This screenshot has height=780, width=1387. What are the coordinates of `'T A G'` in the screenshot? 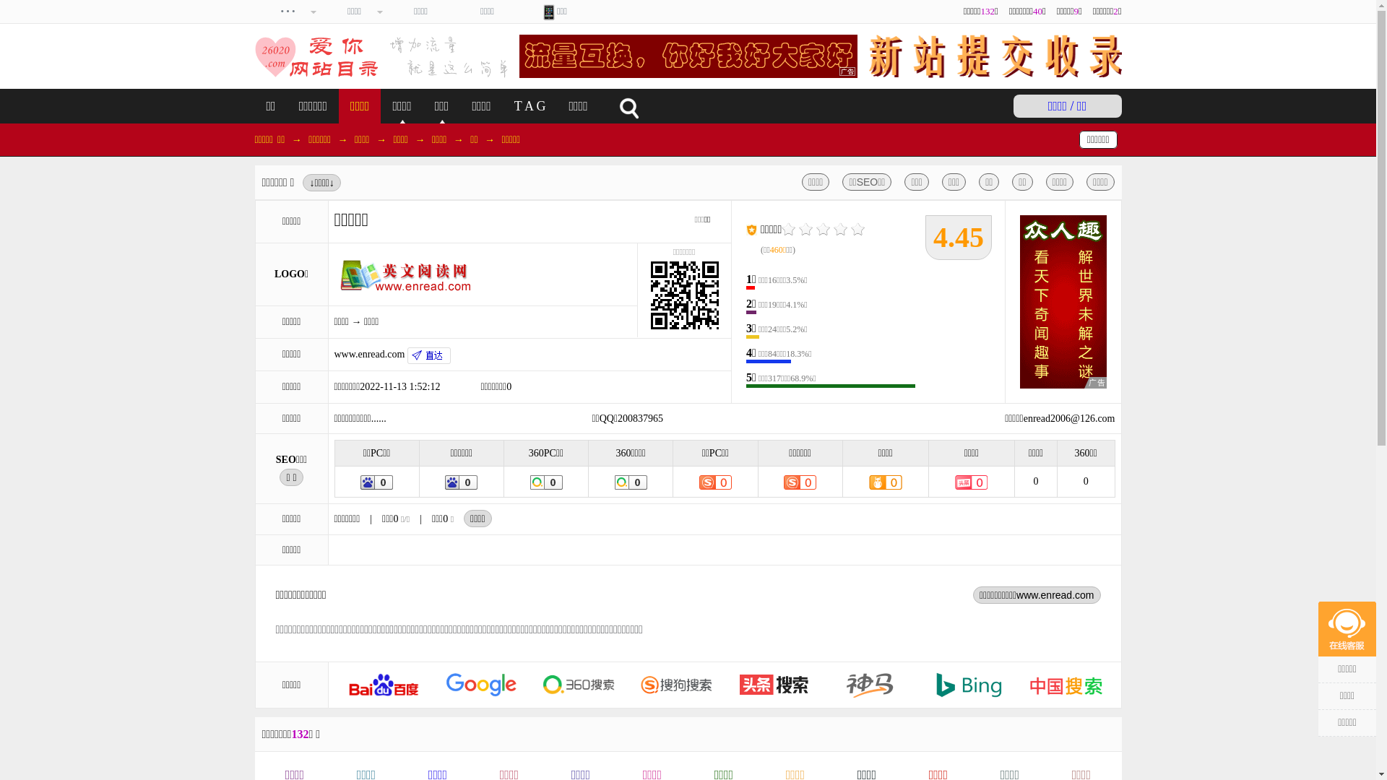 It's located at (530, 105).